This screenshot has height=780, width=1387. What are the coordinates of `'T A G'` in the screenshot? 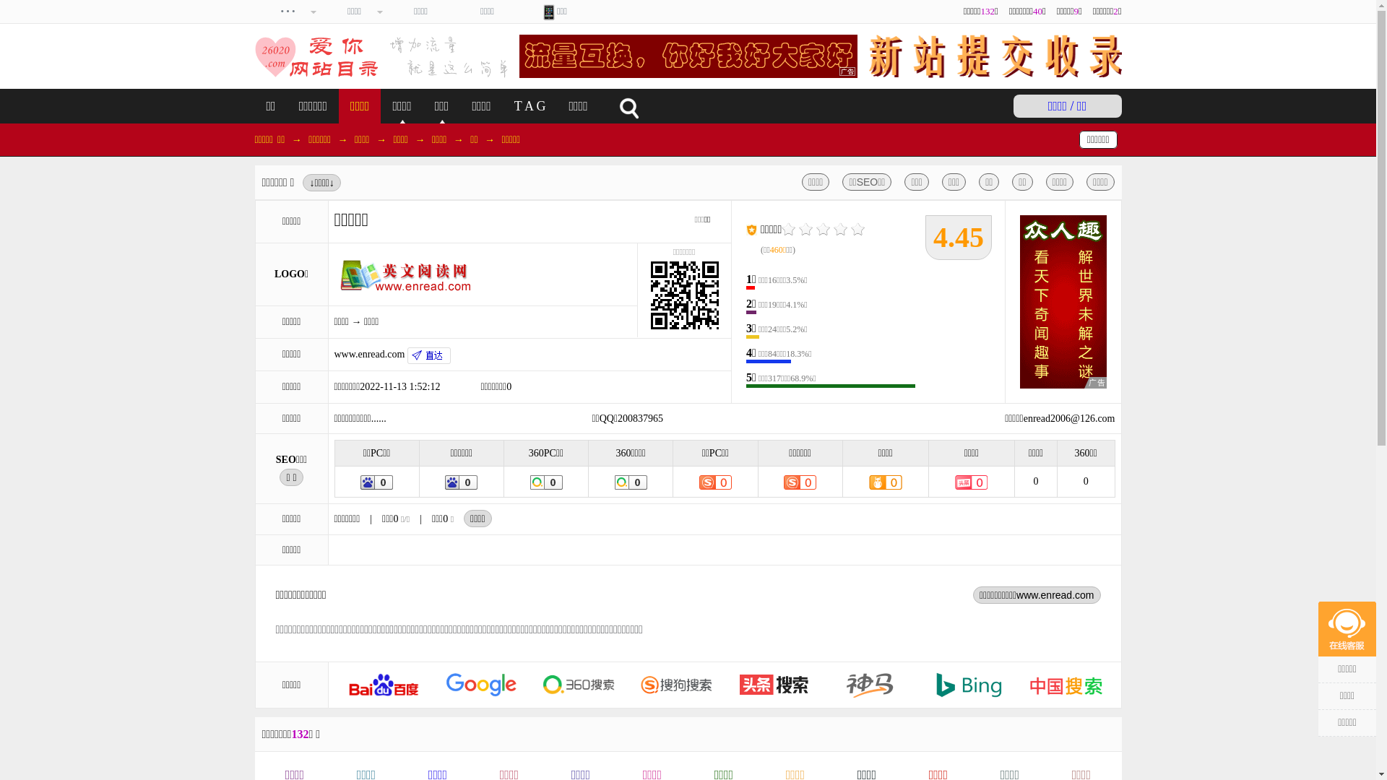 It's located at (530, 105).